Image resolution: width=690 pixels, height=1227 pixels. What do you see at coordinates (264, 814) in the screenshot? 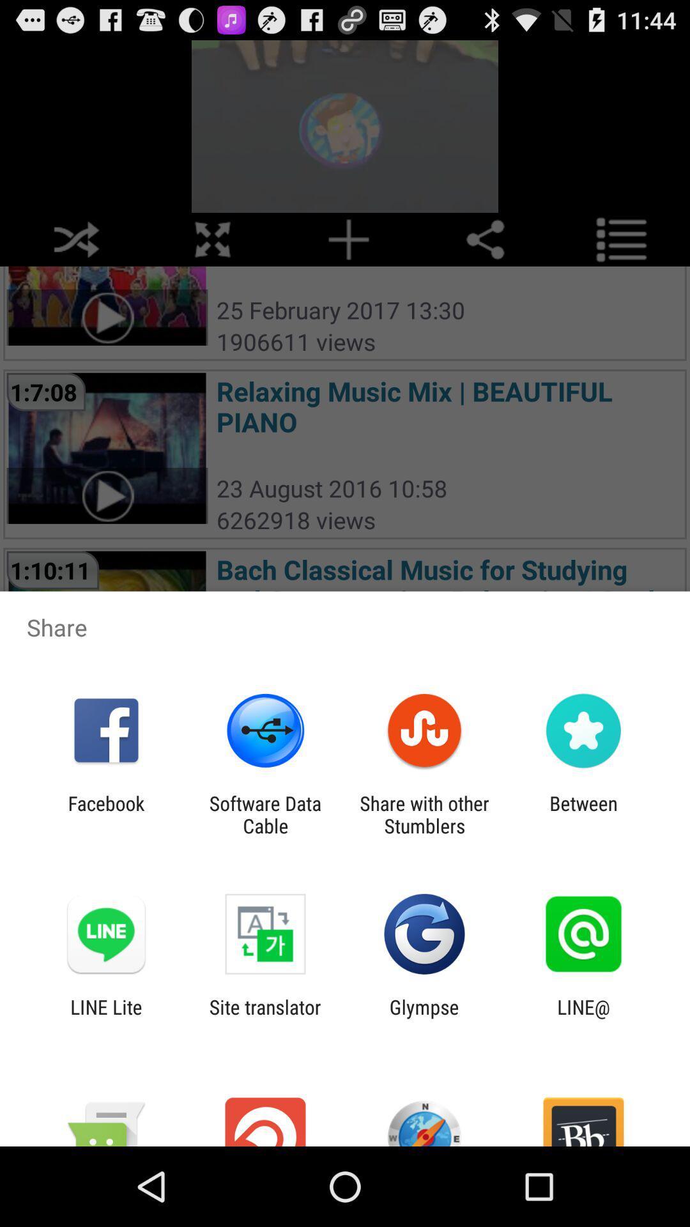
I see `icon next to share with other icon` at bounding box center [264, 814].